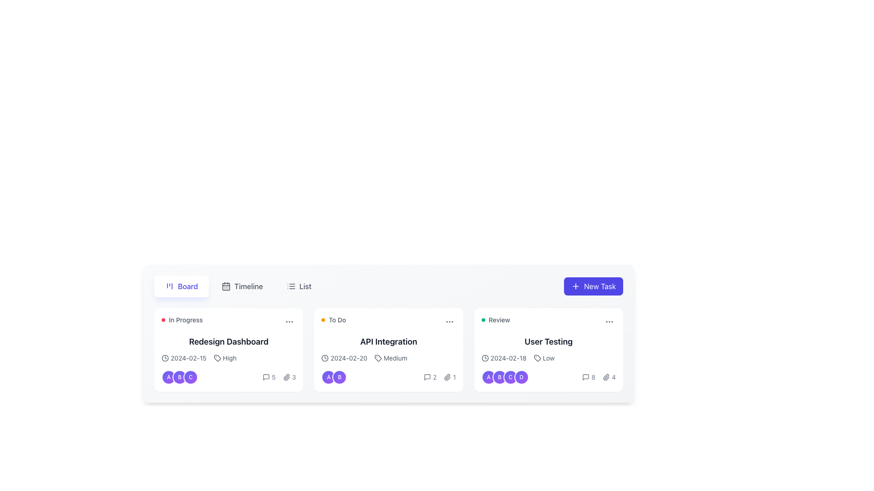  What do you see at coordinates (499, 377) in the screenshot?
I see `the second circular avatar badge representing user responsibility for the 'User Testing' task` at bounding box center [499, 377].